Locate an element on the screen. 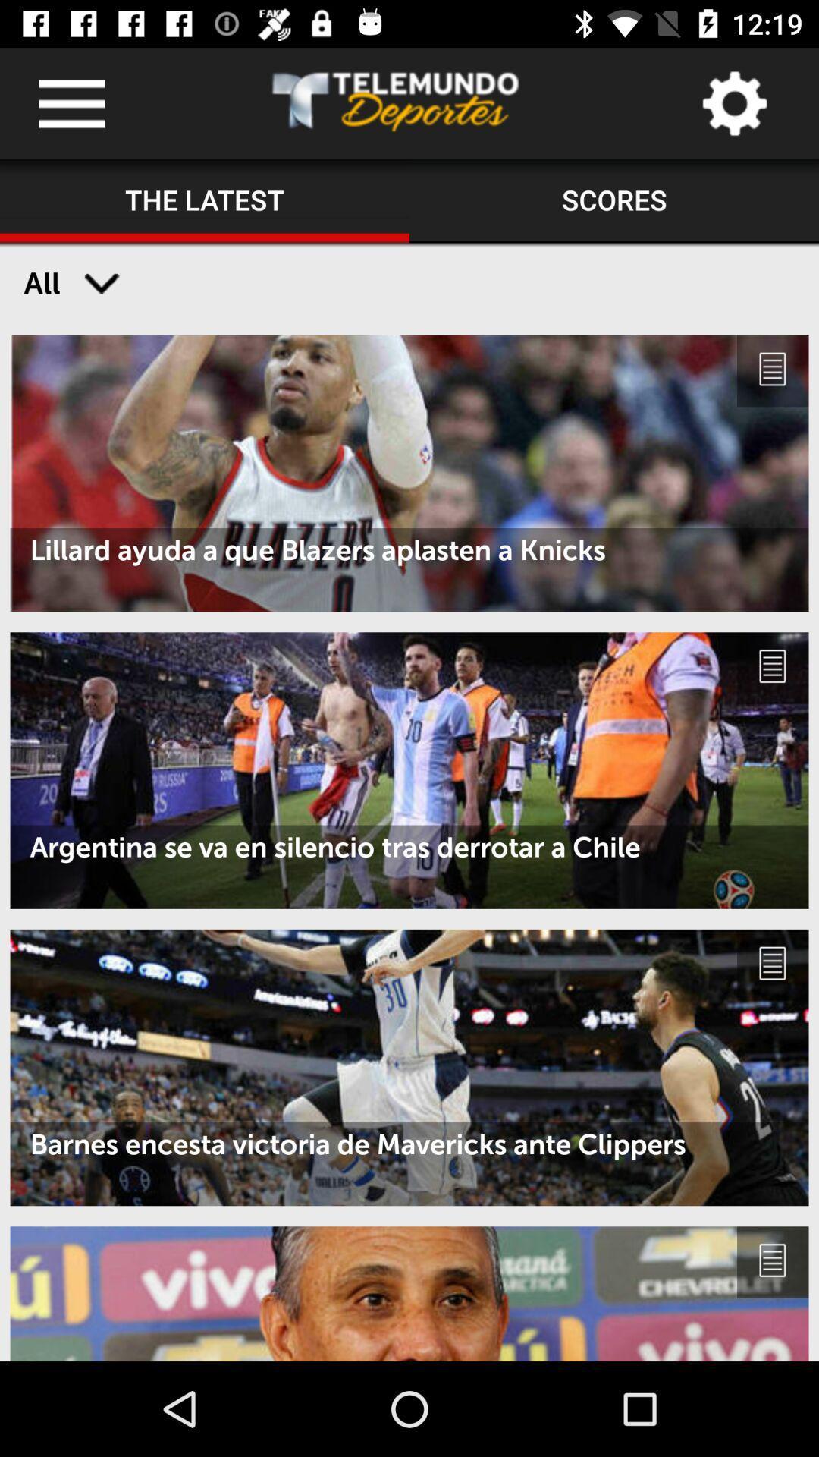 The height and width of the screenshot is (1457, 819). barnes encesta victoria icon is located at coordinates (409, 1144).